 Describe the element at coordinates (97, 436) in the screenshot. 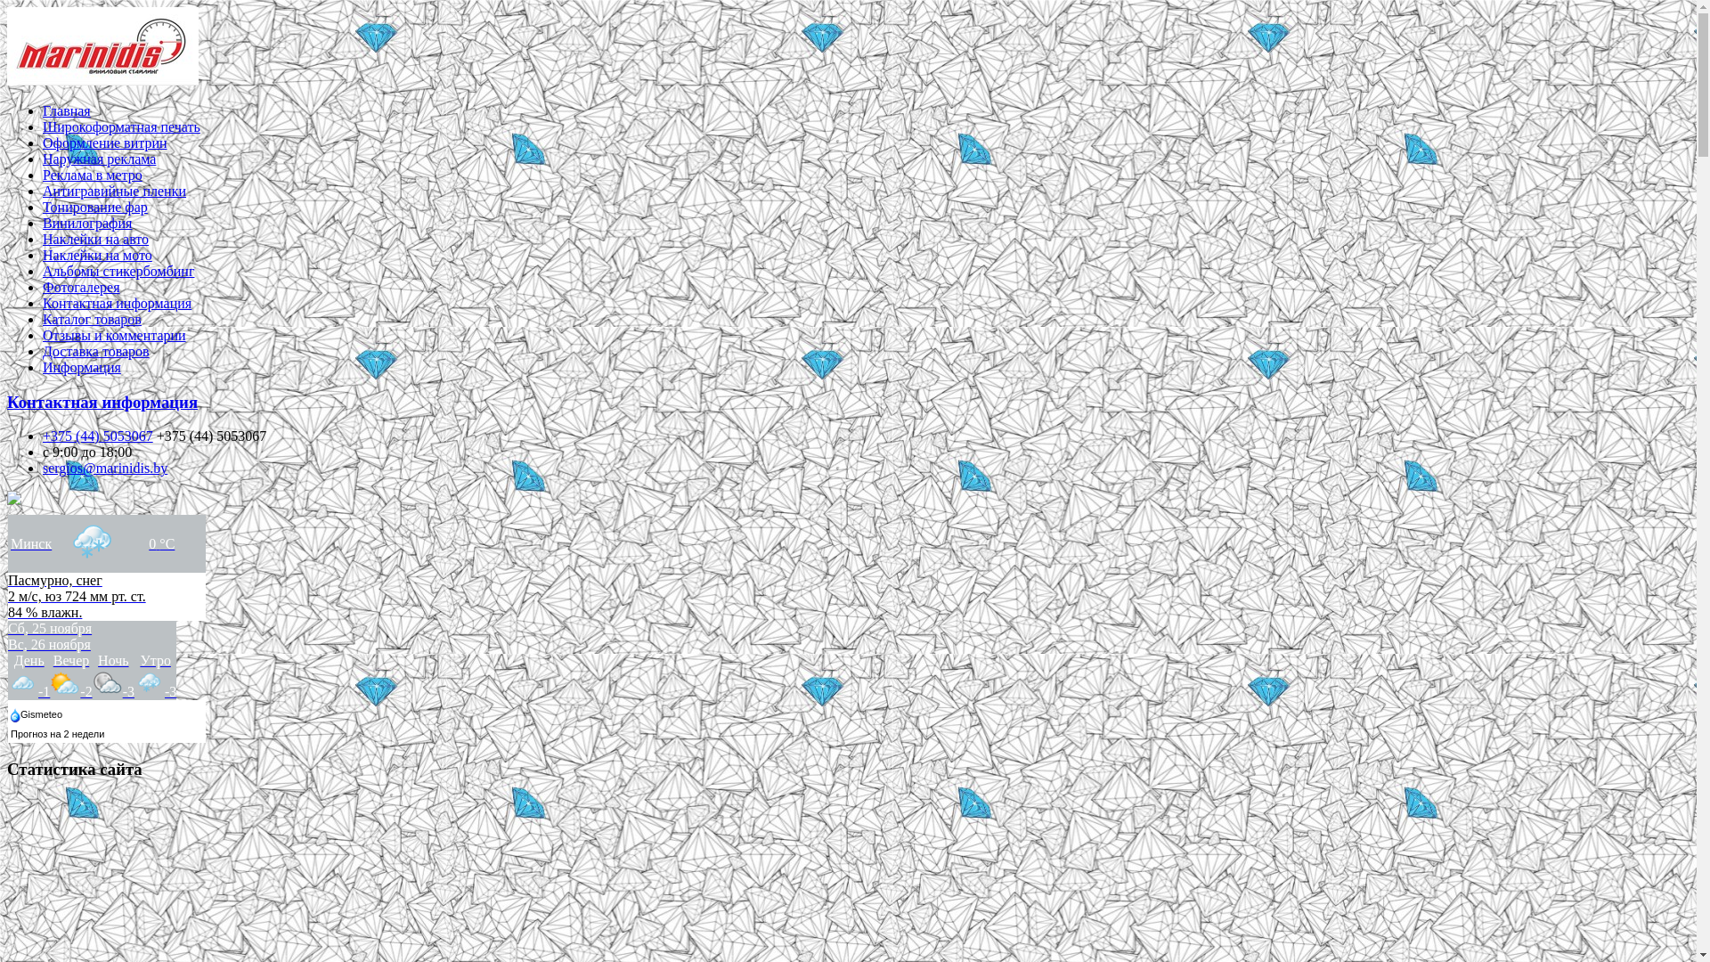

I see `'+375 (44) 5053067'` at that location.